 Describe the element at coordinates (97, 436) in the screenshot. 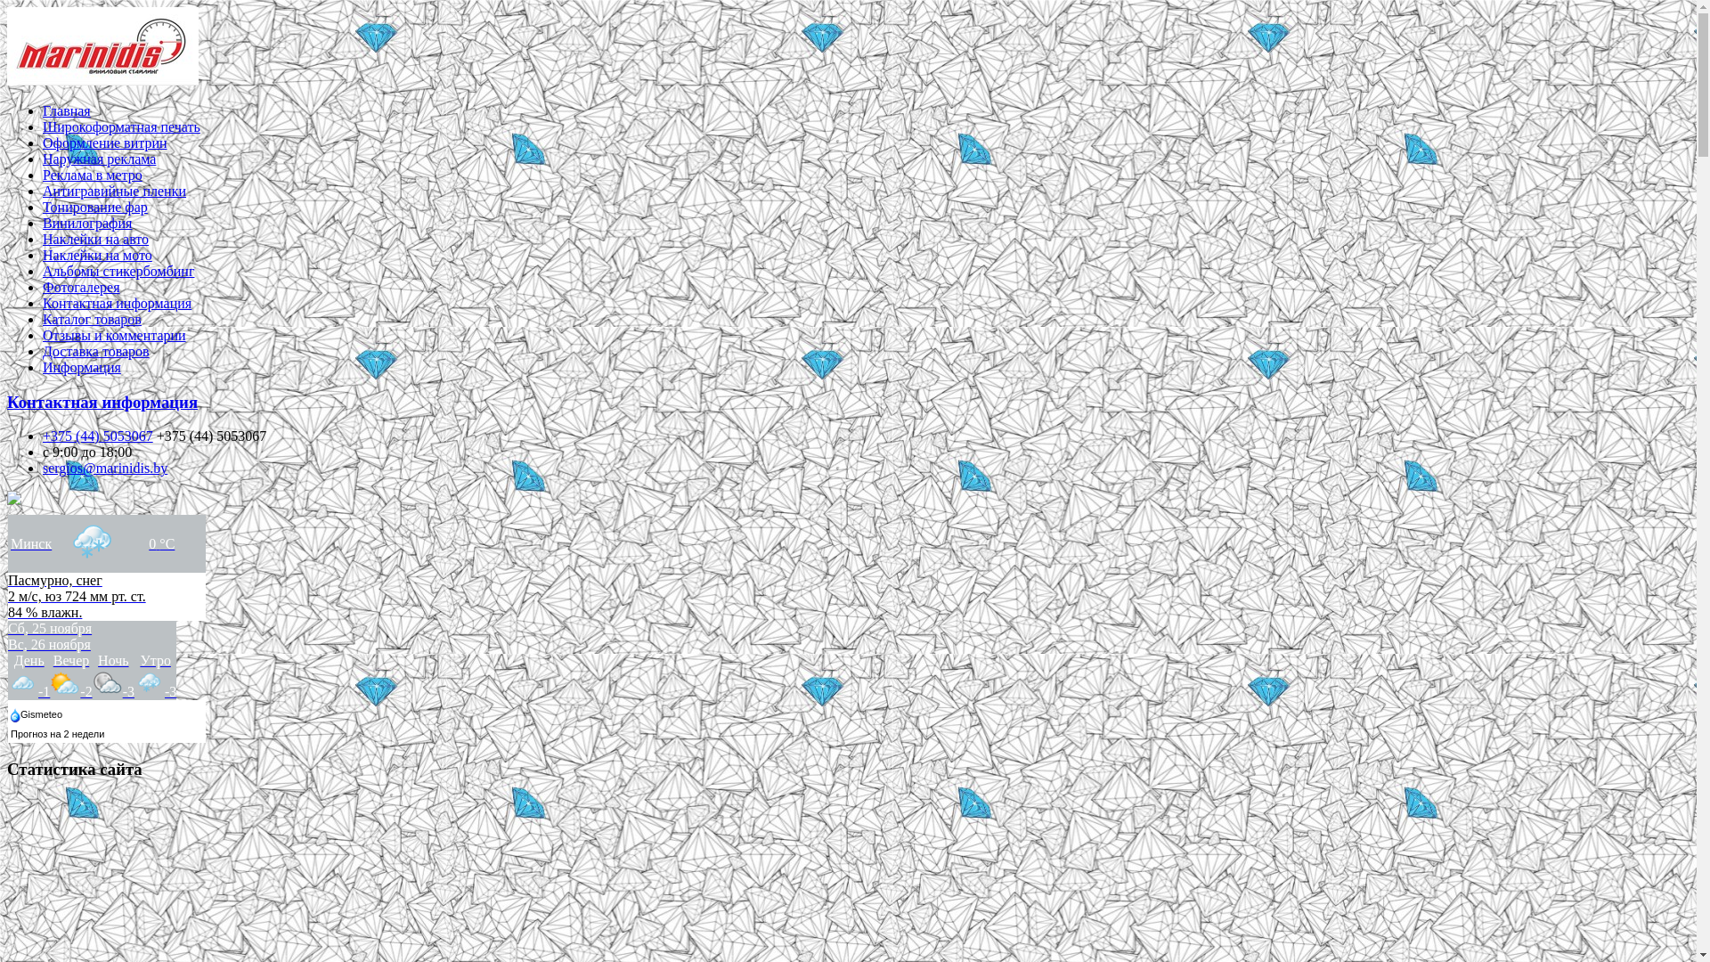

I see `'+375 (44) 5053067'` at that location.